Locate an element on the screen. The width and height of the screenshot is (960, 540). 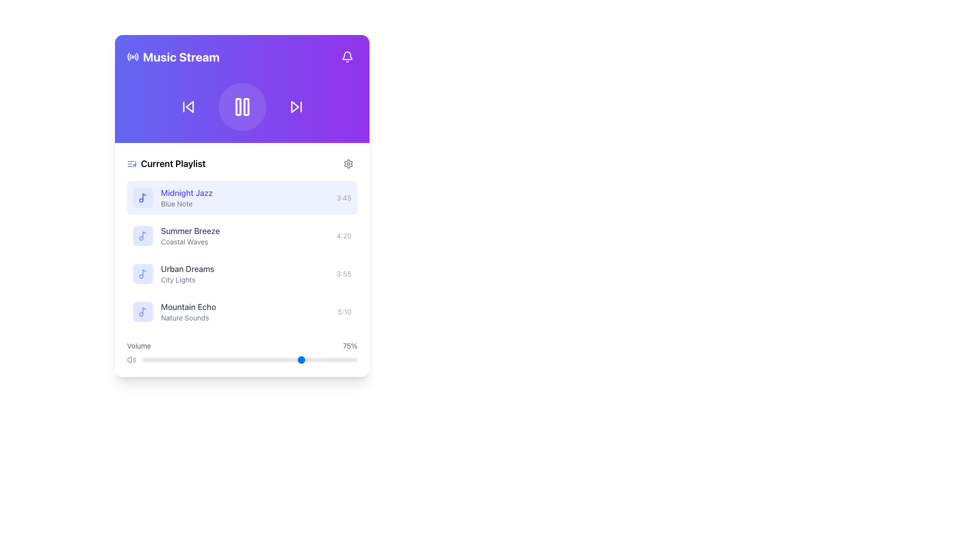
the volume slider is located at coordinates (189, 360).